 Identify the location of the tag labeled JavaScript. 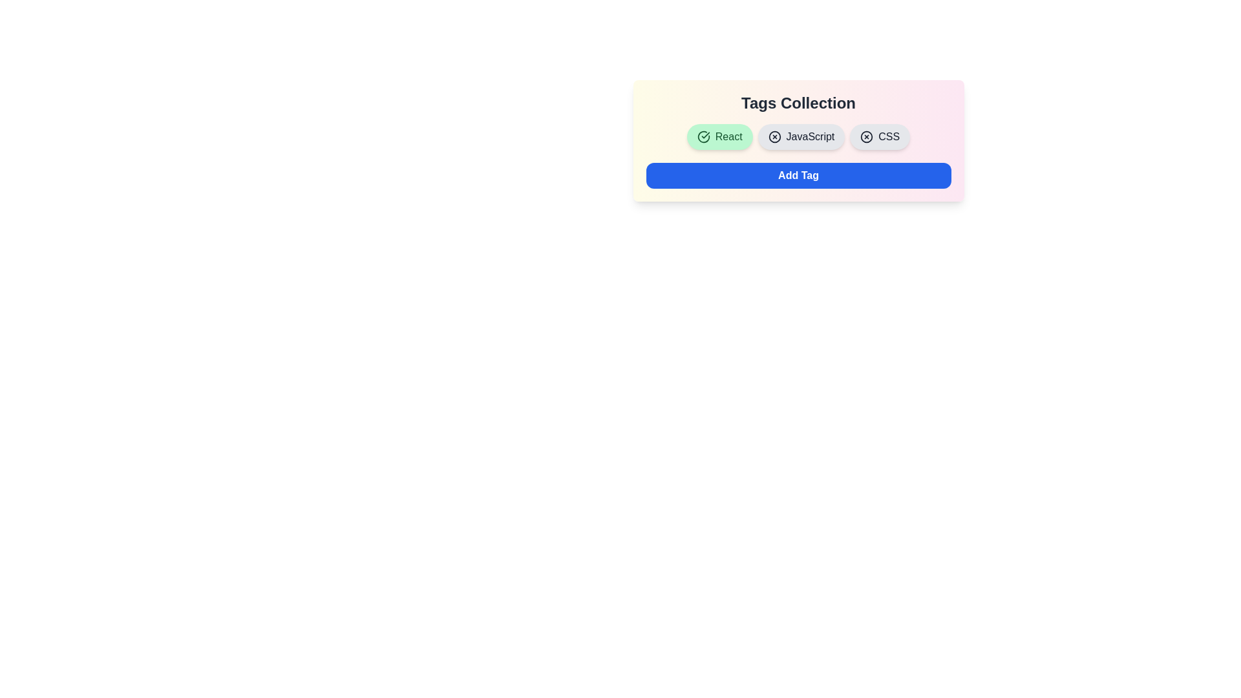
(800, 137).